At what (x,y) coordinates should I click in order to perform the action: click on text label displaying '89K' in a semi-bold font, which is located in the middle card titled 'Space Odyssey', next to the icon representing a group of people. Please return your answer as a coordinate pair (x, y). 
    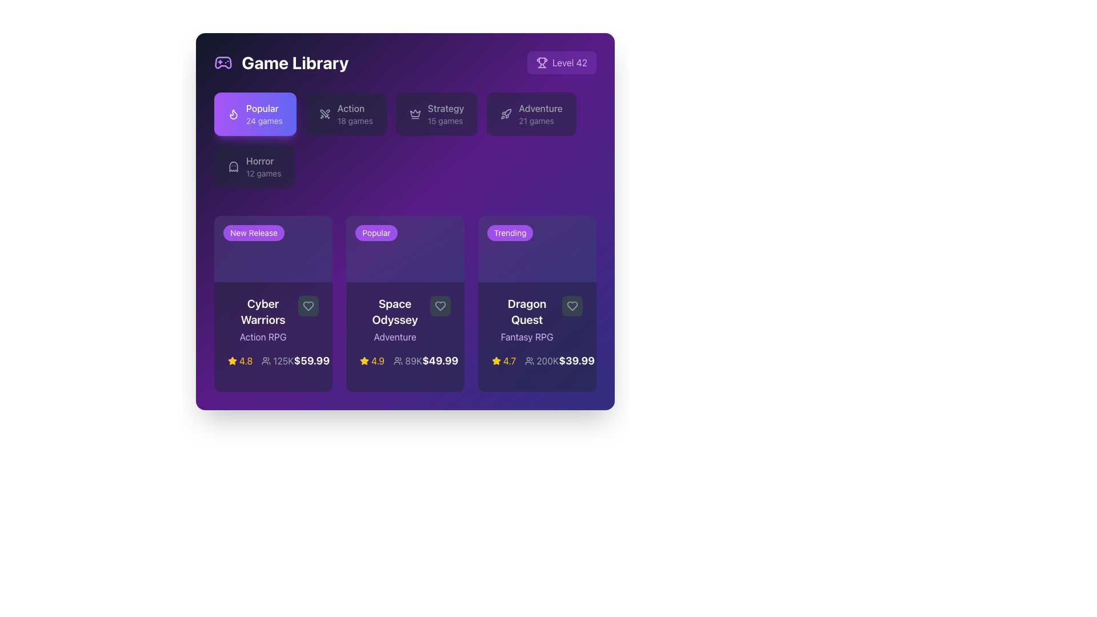
    Looking at the image, I should click on (413, 361).